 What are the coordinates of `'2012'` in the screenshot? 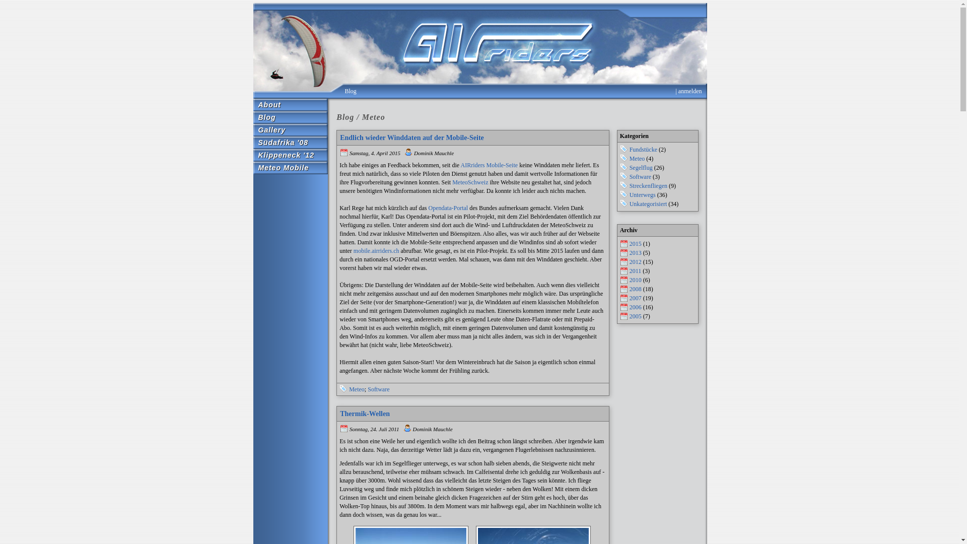 It's located at (629, 261).